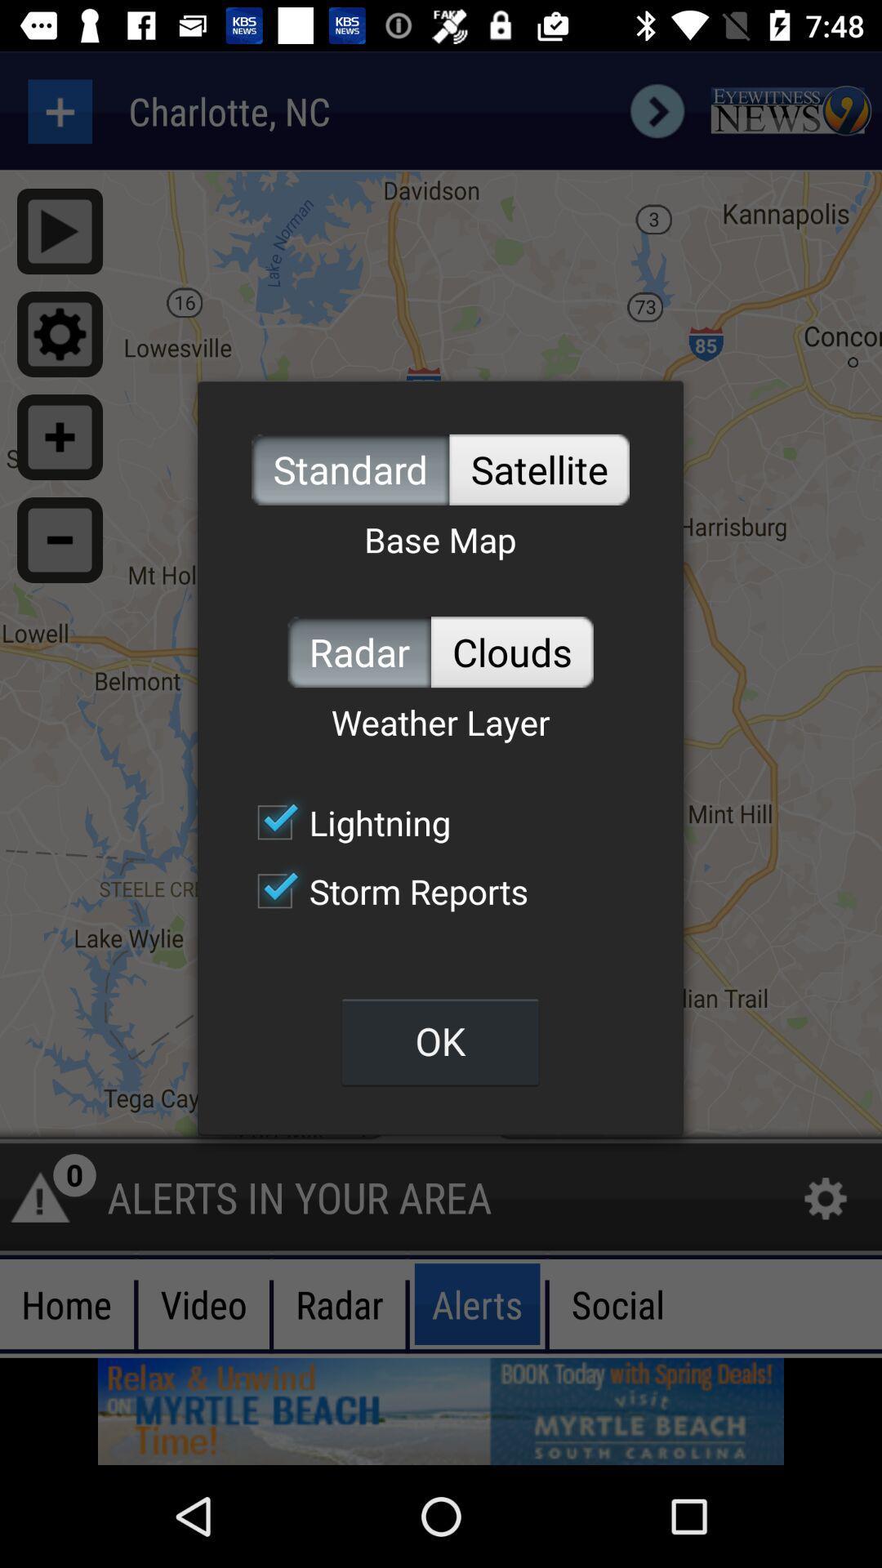 The image size is (882, 1568). I want to click on item below the base map item, so click(359, 651).